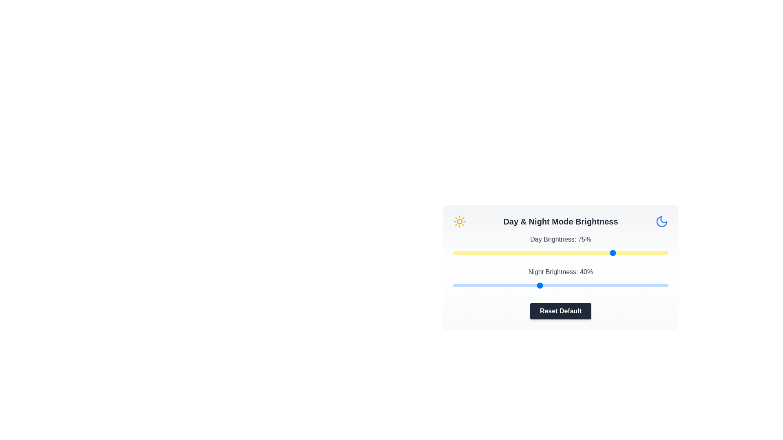 The image size is (783, 440). I want to click on the sun icon to interact with it, so click(460, 221).